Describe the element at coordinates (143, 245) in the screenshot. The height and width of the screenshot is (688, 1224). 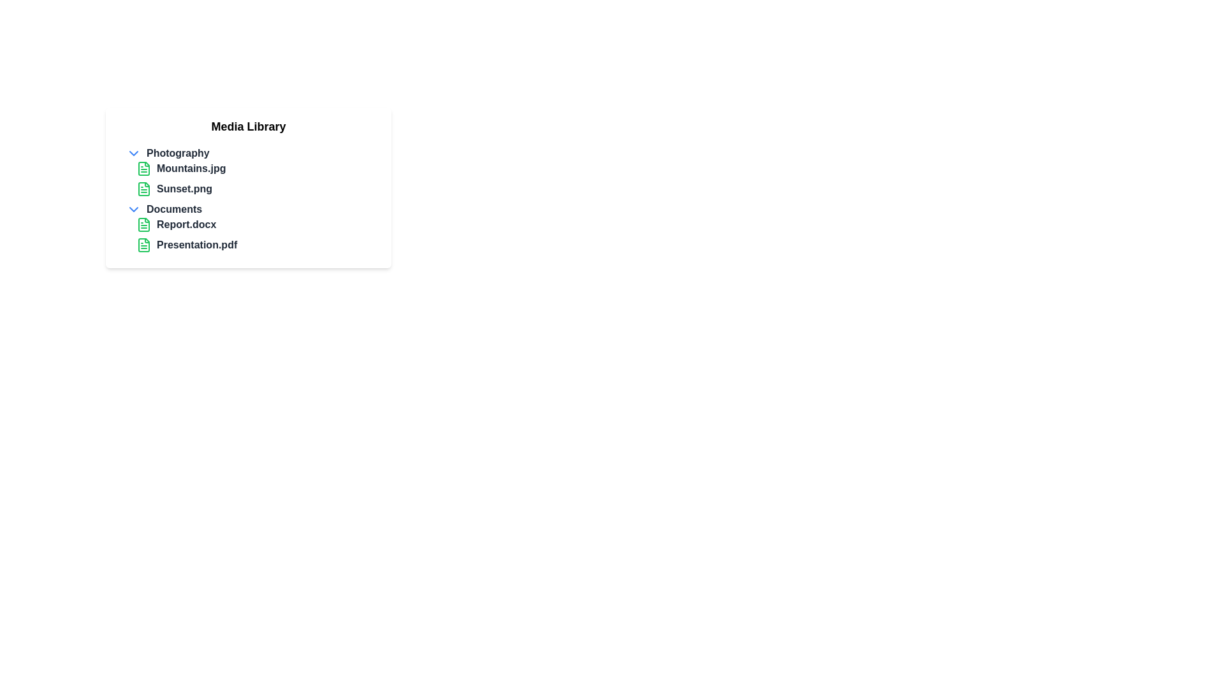
I see `the document file icon representing 'Presentation.pdf' in the 'Media Library' list` at that location.